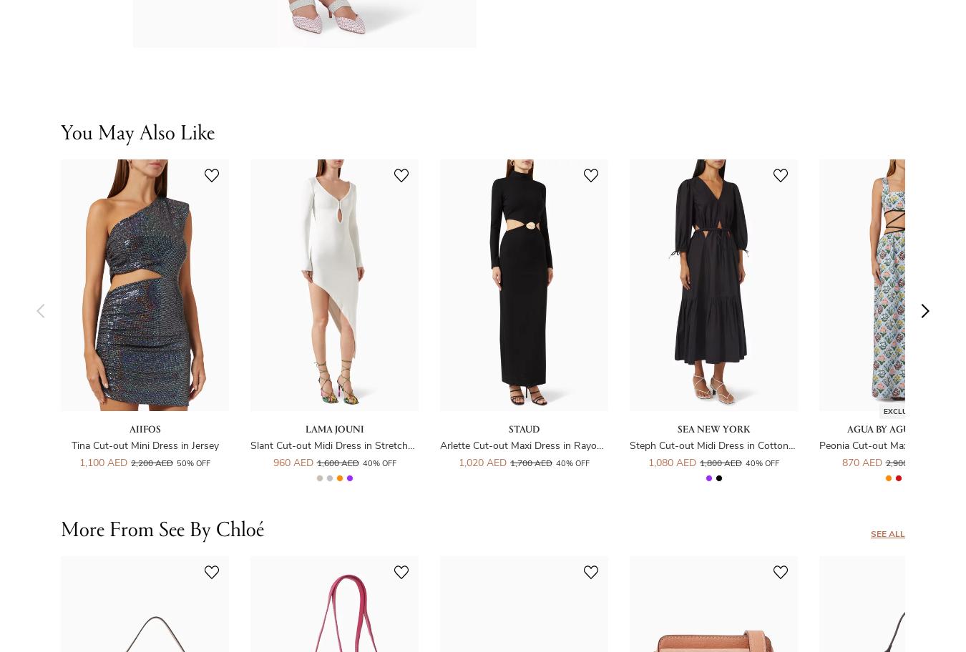 The width and height of the screenshot is (966, 652). I want to click on 'EXCLUSIVE', so click(882, 411).